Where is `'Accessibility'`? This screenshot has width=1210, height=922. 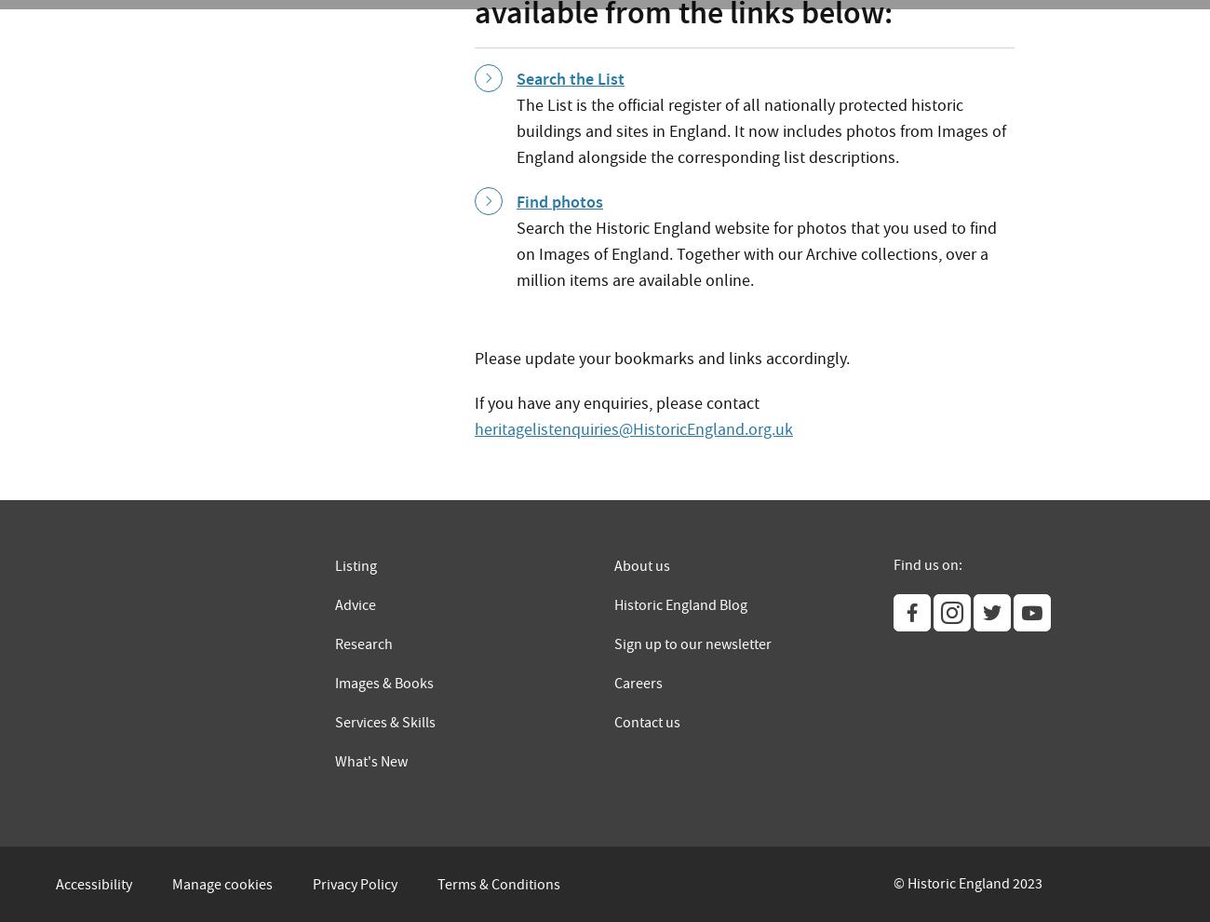
'Accessibility' is located at coordinates (56, 884).